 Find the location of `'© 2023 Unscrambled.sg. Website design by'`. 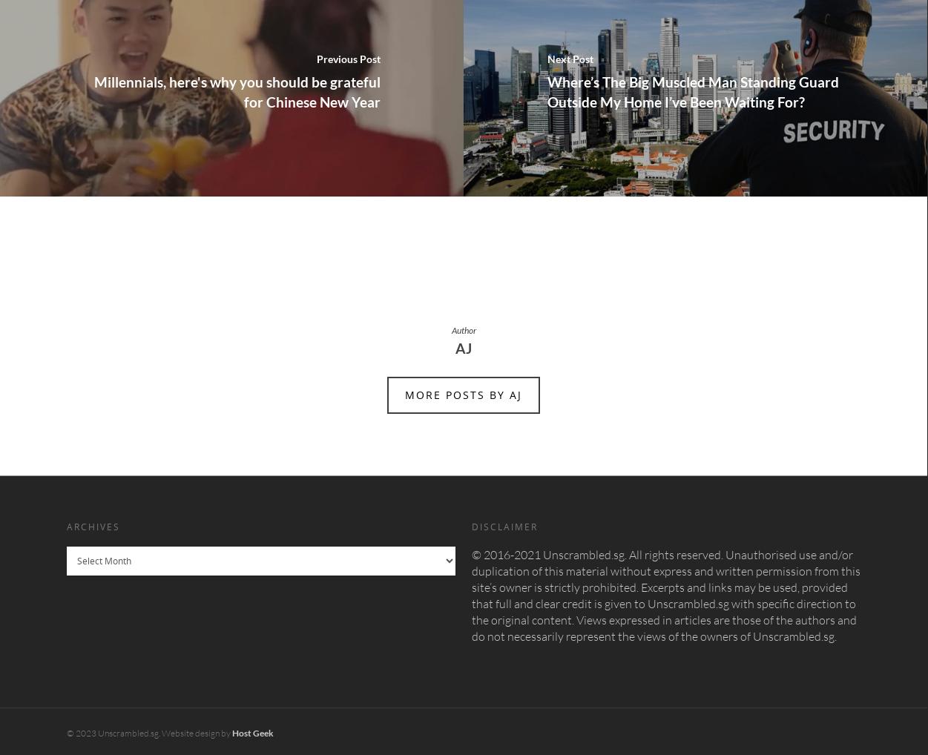

'© 2023 Unscrambled.sg. Website design by' is located at coordinates (149, 733).